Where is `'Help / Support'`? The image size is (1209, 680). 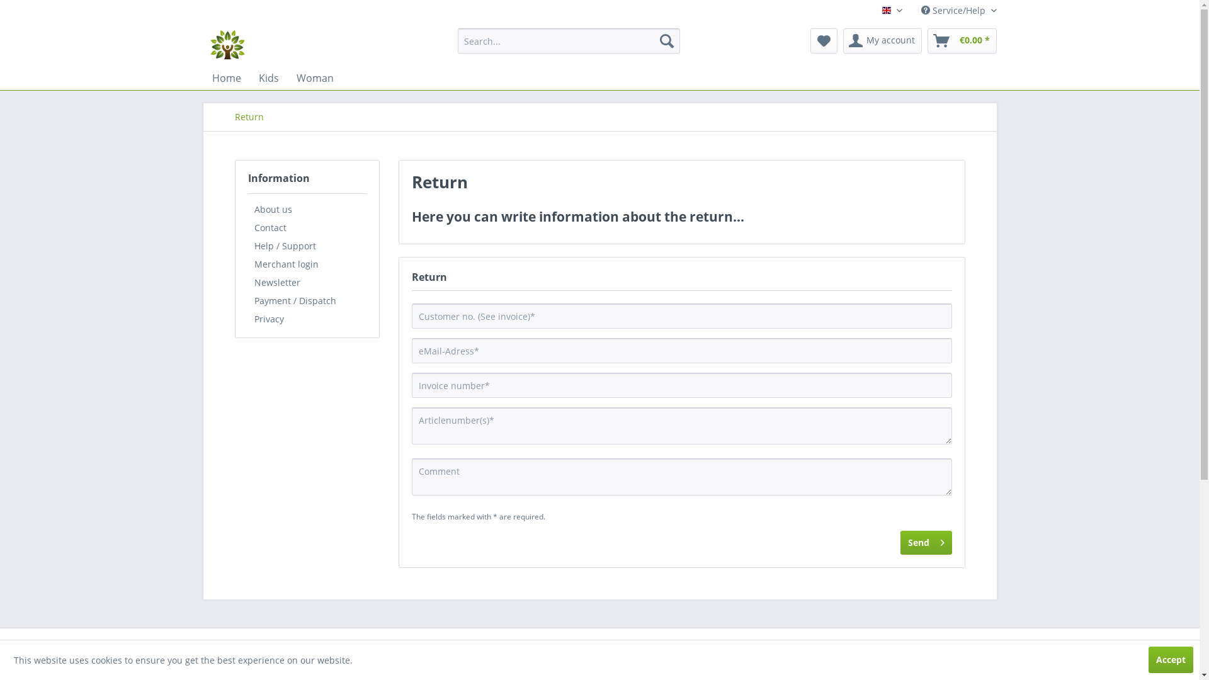
'Help / Support' is located at coordinates (307, 246).